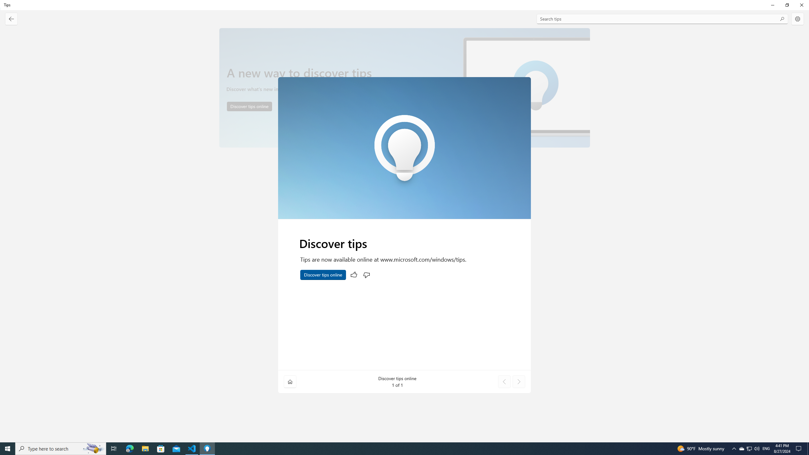 This screenshot has height=455, width=809. What do you see at coordinates (504, 381) in the screenshot?
I see `'Previous tip'` at bounding box center [504, 381].